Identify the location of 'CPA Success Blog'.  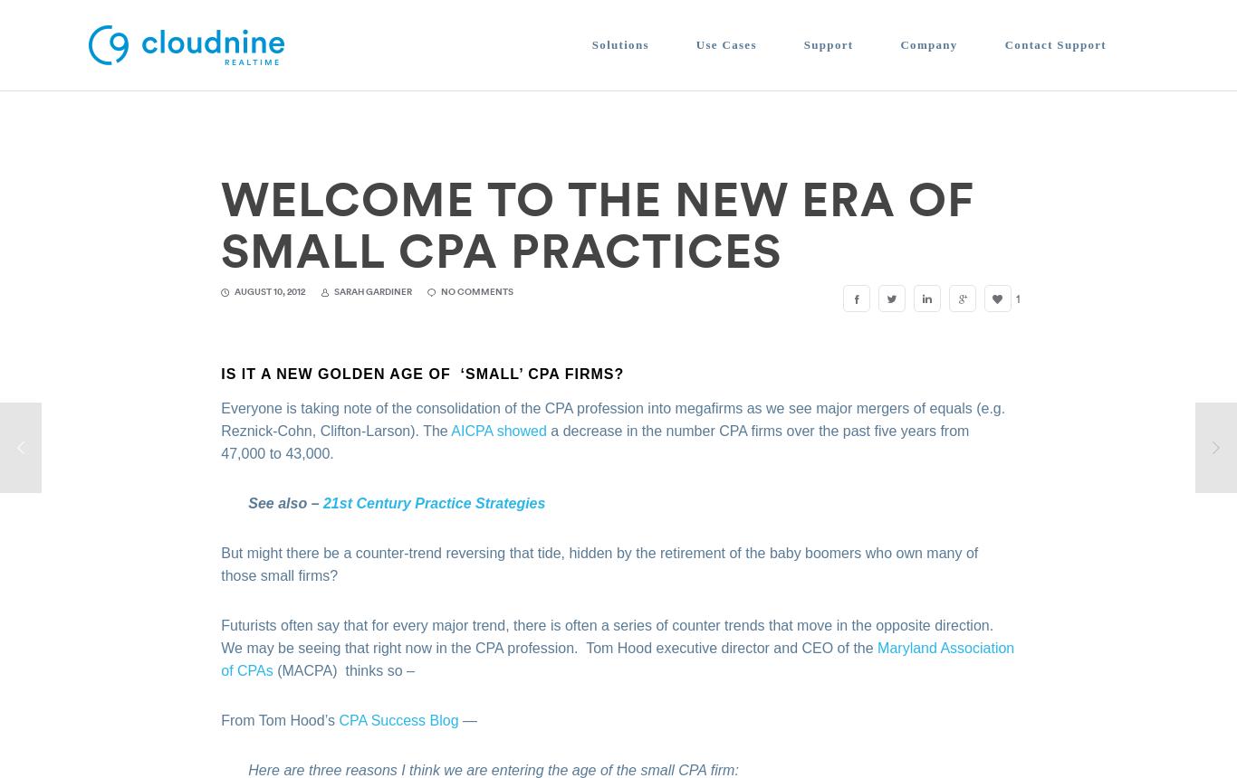
(397, 719).